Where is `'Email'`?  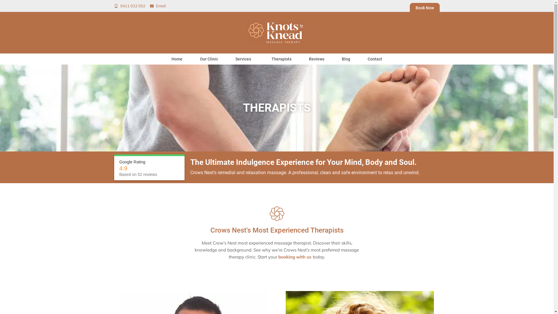 'Email' is located at coordinates (158, 6).